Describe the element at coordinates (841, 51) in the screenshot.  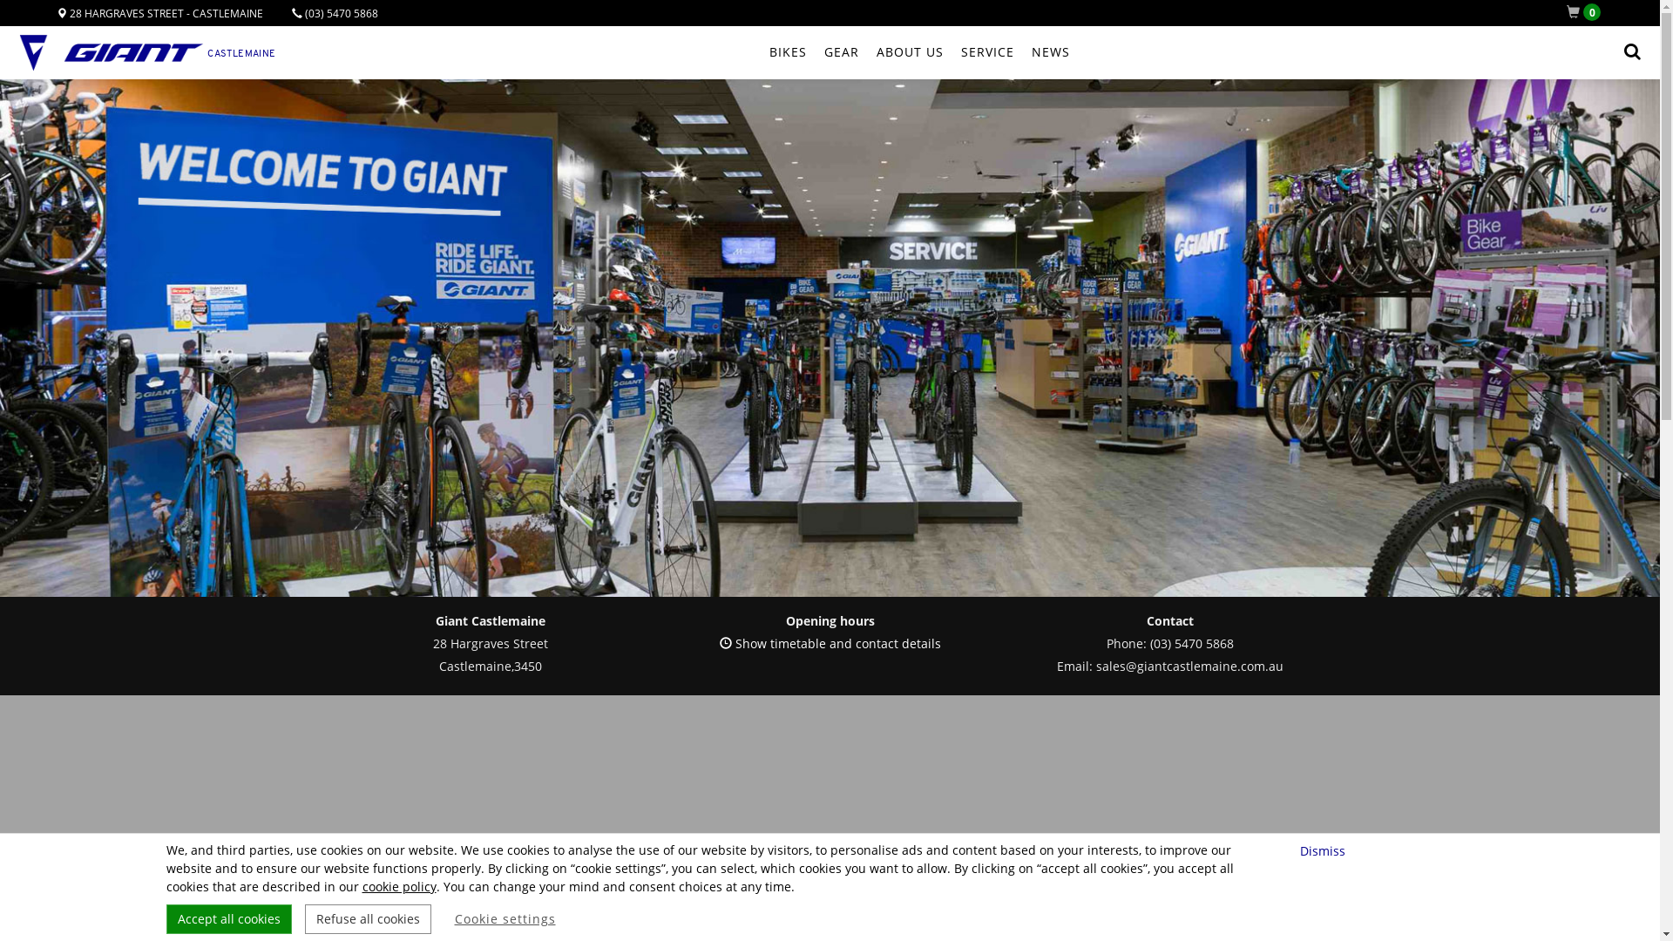
I see `'GEAR'` at that location.